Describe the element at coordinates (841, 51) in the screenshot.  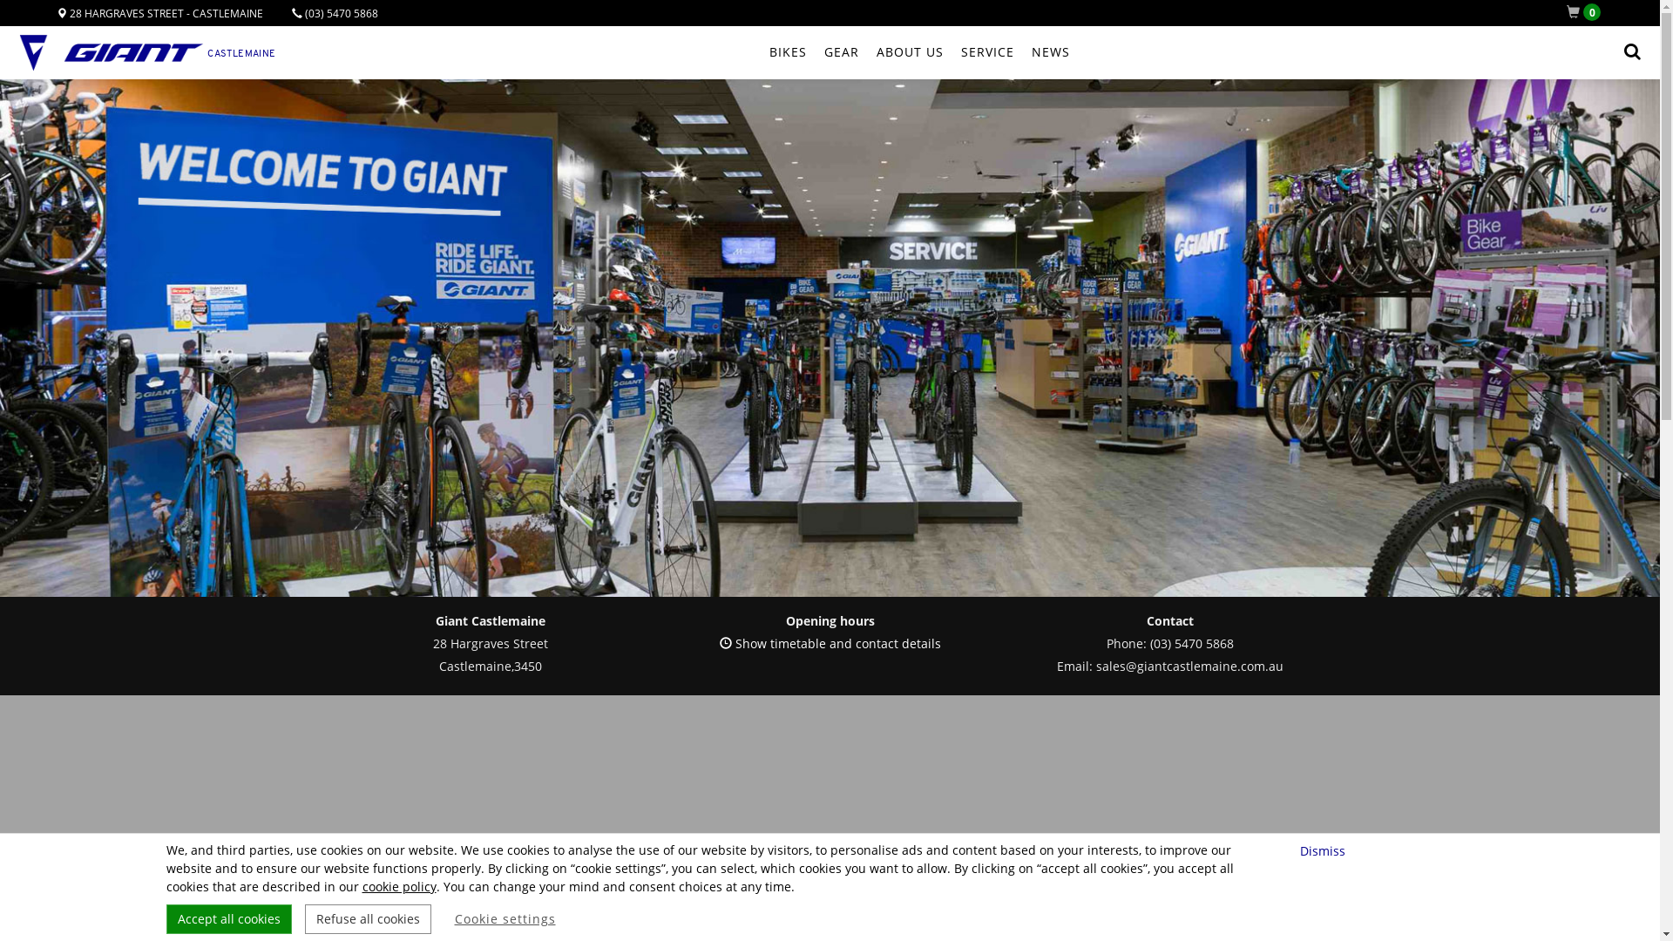
I see `'GEAR'` at that location.